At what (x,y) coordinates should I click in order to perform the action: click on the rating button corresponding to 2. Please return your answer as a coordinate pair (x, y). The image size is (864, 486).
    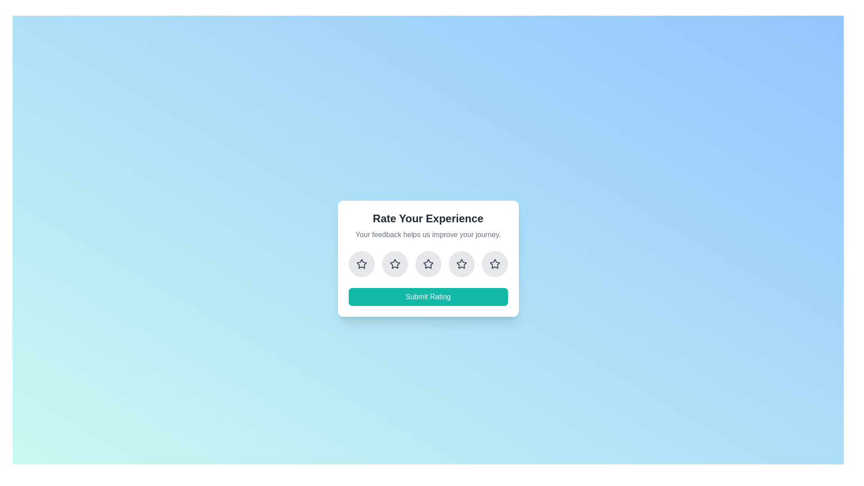
    Looking at the image, I should click on (395, 263).